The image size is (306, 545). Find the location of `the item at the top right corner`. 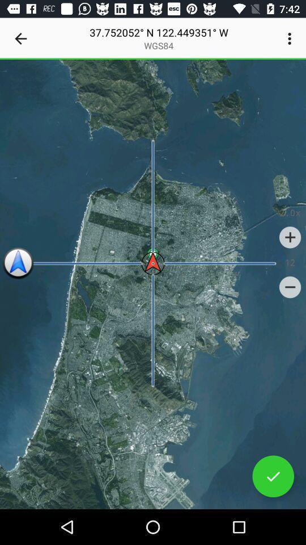

the item at the top right corner is located at coordinates (291, 39).